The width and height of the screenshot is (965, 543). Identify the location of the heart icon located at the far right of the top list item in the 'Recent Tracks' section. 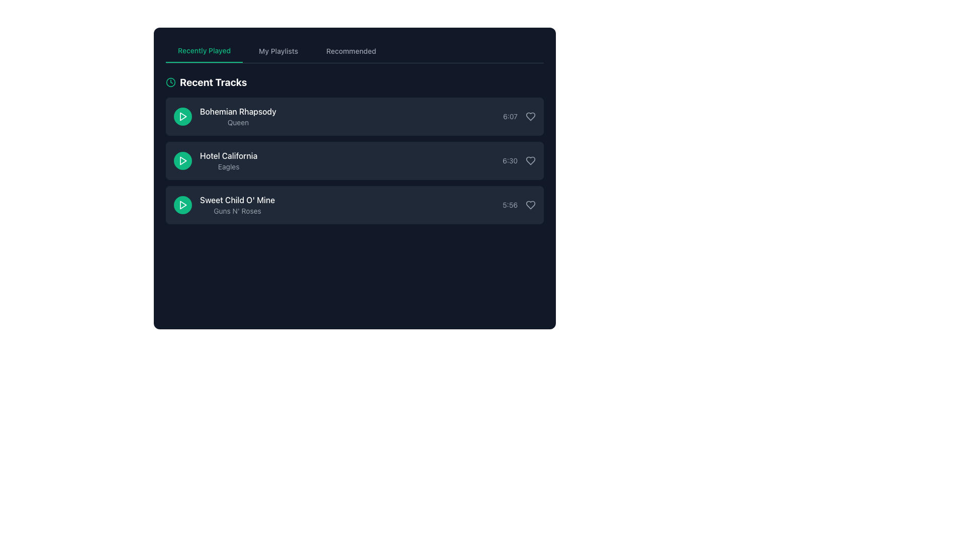
(530, 116).